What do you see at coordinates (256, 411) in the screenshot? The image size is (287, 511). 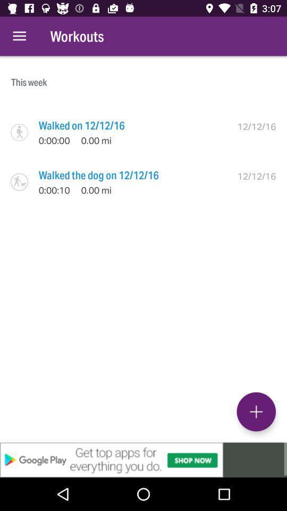 I see `new workout` at bounding box center [256, 411].